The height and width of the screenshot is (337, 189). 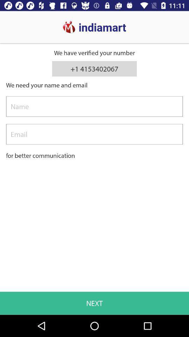 What do you see at coordinates (94, 134) in the screenshot?
I see `your email` at bounding box center [94, 134].